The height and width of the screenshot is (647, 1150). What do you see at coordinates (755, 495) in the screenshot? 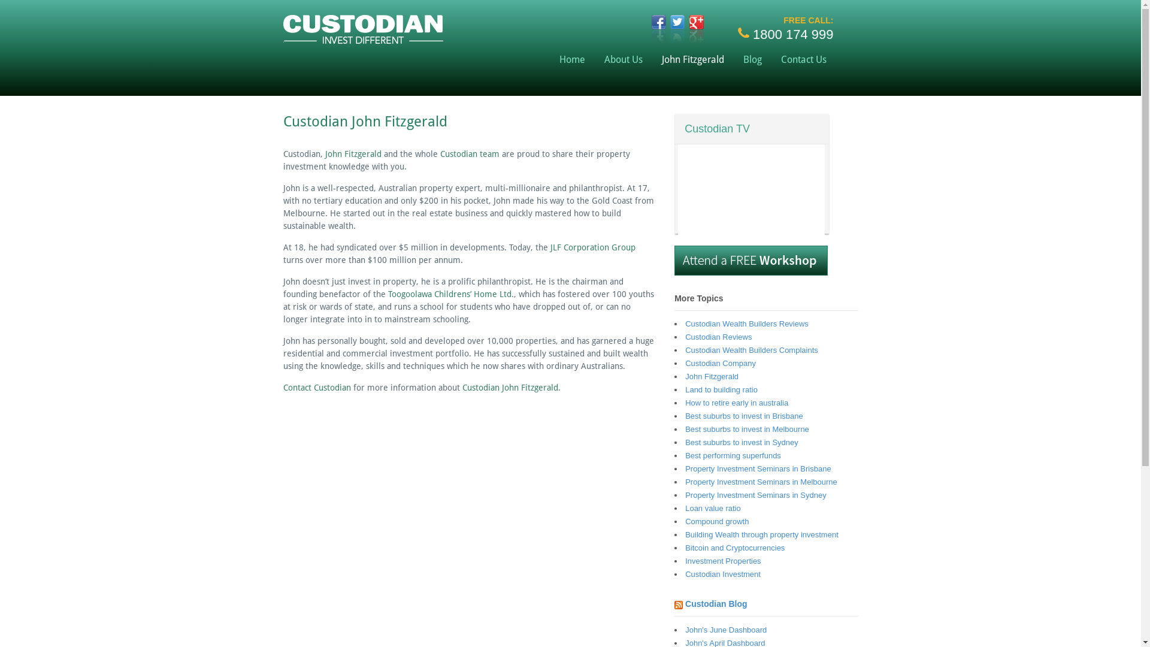
I see `'Property Investment Seminars in Sydney'` at bounding box center [755, 495].